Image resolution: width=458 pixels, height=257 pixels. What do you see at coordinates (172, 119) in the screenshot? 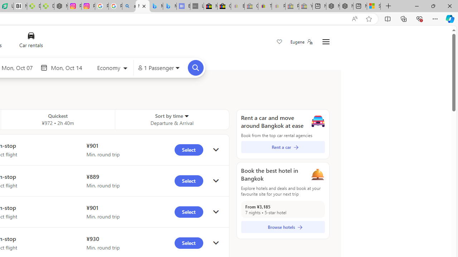
I see `'Sort by time Sorter Departure & Arrival'` at bounding box center [172, 119].